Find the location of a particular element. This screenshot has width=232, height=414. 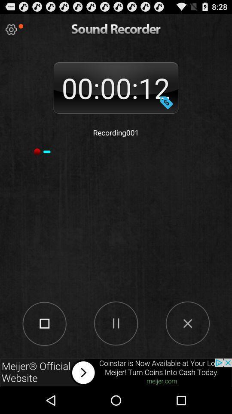

the settings icon is located at coordinates (11, 31).